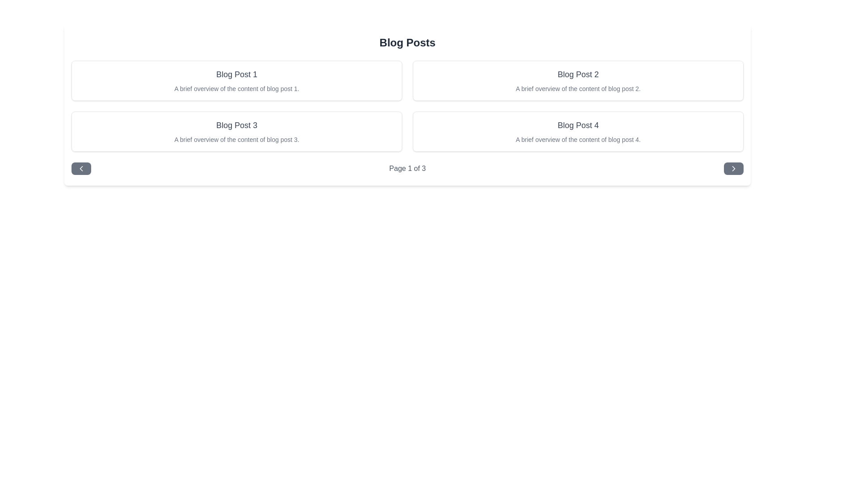 The width and height of the screenshot is (858, 482). I want to click on the pagination indicator labeled 'Page 1 of 3', which is styled with a gray font and located at the bottom center of the layout, between two interactive buttons, so click(407, 169).